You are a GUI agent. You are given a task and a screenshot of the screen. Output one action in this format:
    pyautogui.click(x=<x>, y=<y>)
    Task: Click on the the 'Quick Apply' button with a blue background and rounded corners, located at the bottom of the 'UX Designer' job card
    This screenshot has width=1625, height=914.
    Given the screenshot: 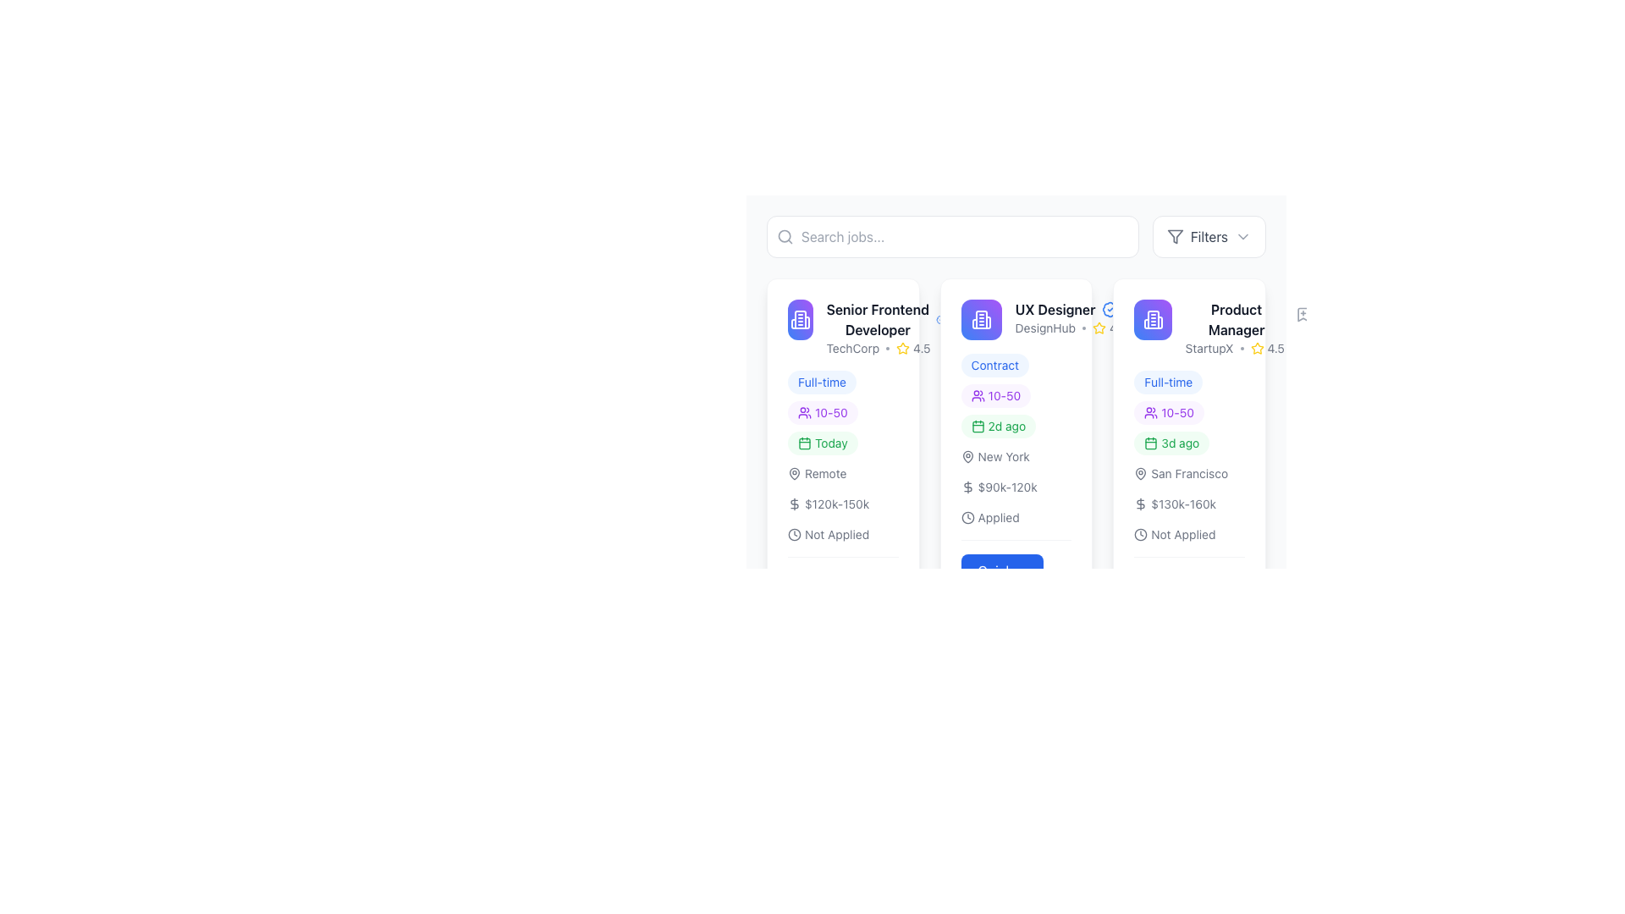 What is the action you would take?
    pyautogui.click(x=1002, y=580)
    